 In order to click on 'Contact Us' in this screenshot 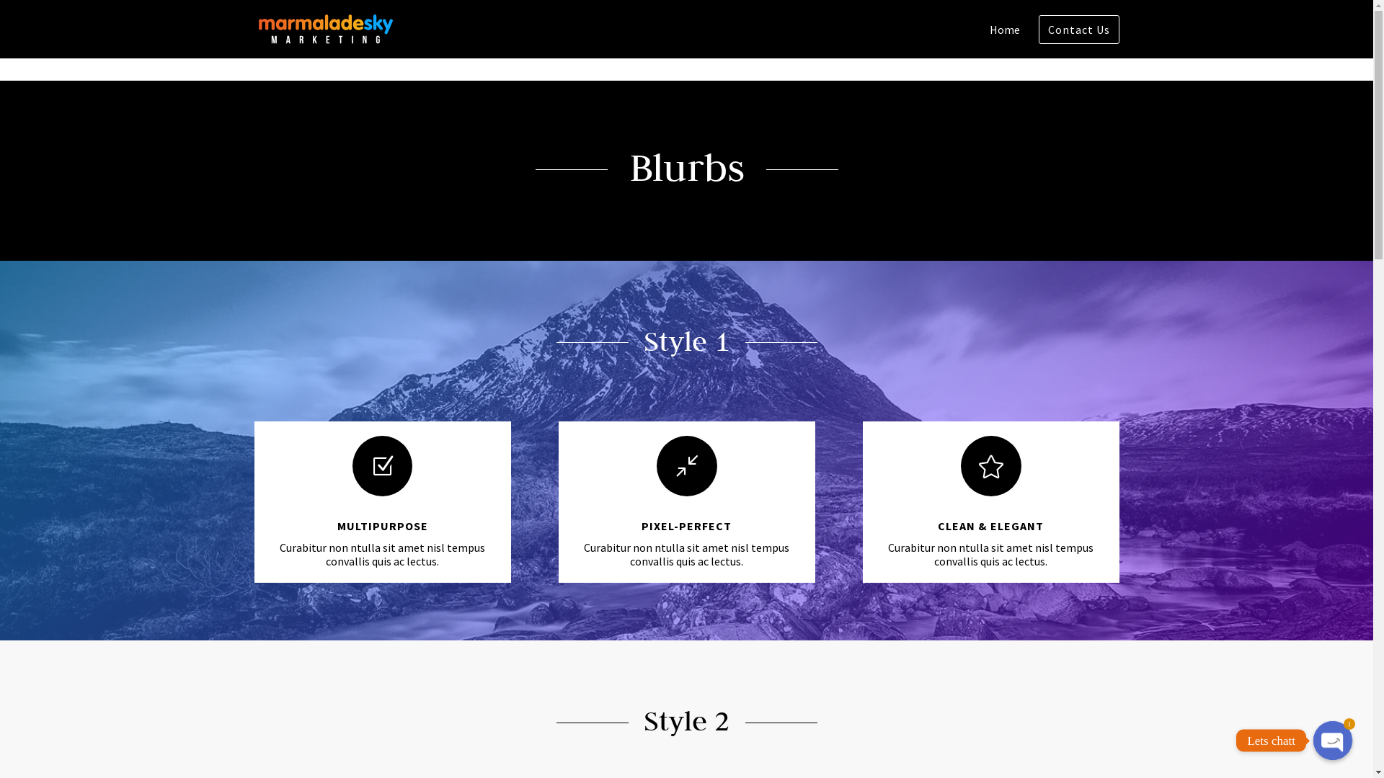, I will do `click(1078, 30)`.